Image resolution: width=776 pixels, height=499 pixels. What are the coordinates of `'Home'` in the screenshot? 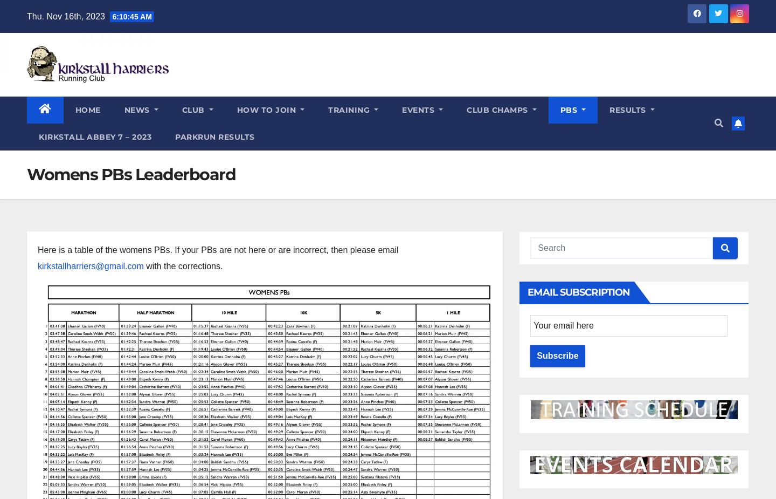 It's located at (87, 109).